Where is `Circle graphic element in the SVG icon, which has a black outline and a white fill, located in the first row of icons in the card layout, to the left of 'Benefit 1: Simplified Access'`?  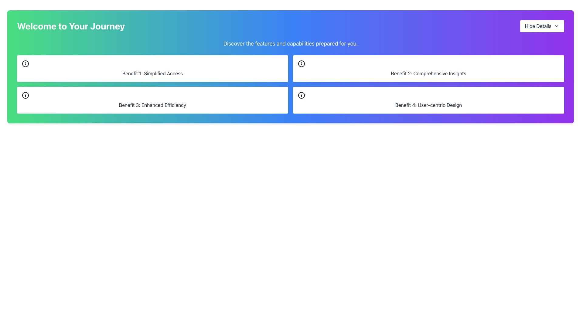
Circle graphic element in the SVG icon, which has a black outline and a white fill, located in the first row of icons in the card layout, to the left of 'Benefit 1: Simplified Access' is located at coordinates (25, 63).